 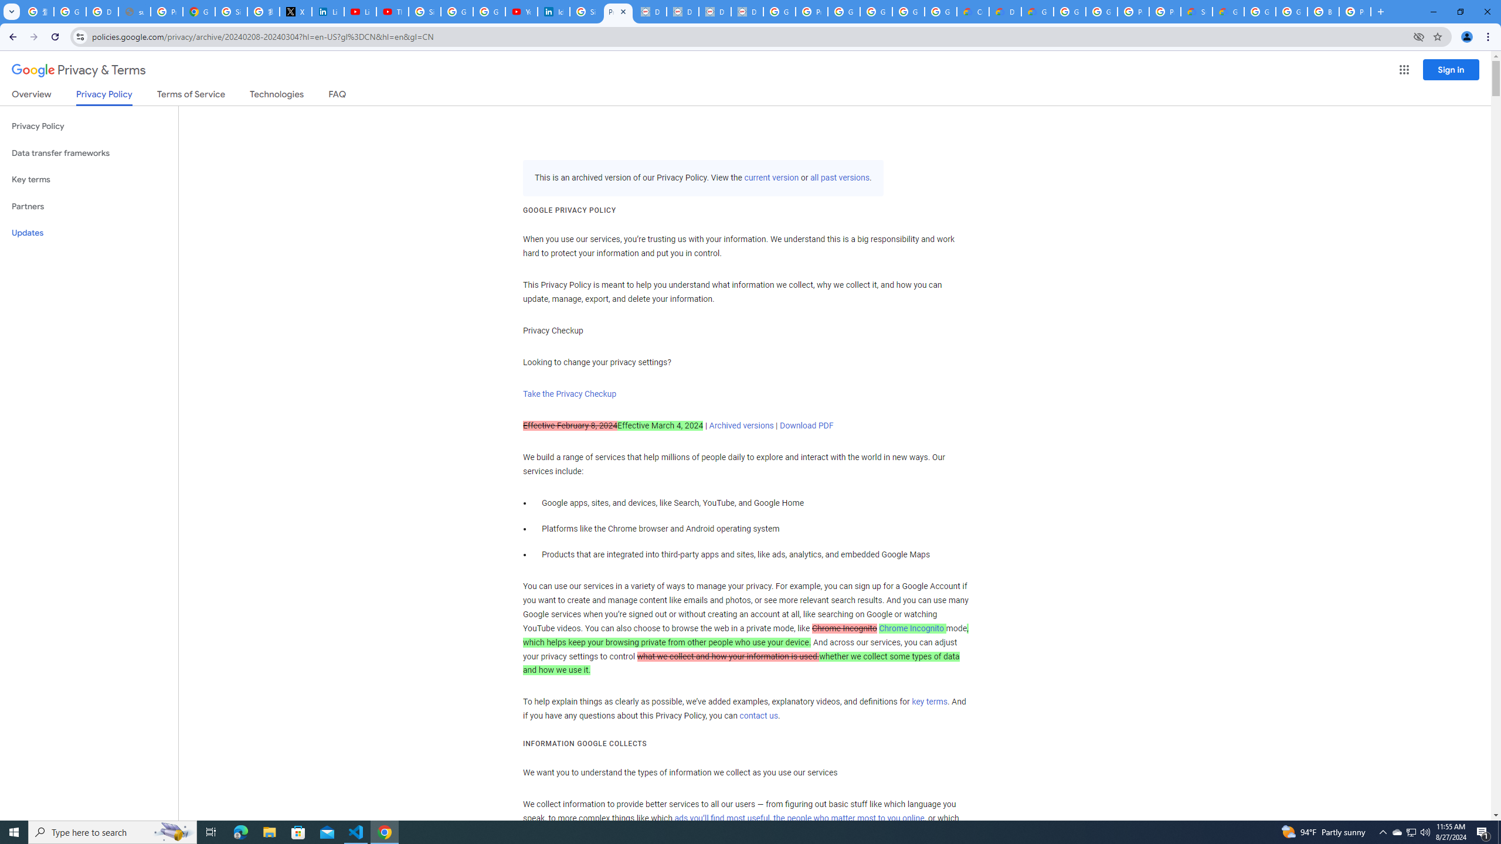 What do you see at coordinates (838, 177) in the screenshot?
I see `'all past versions'` at bounding box center [838, 177].